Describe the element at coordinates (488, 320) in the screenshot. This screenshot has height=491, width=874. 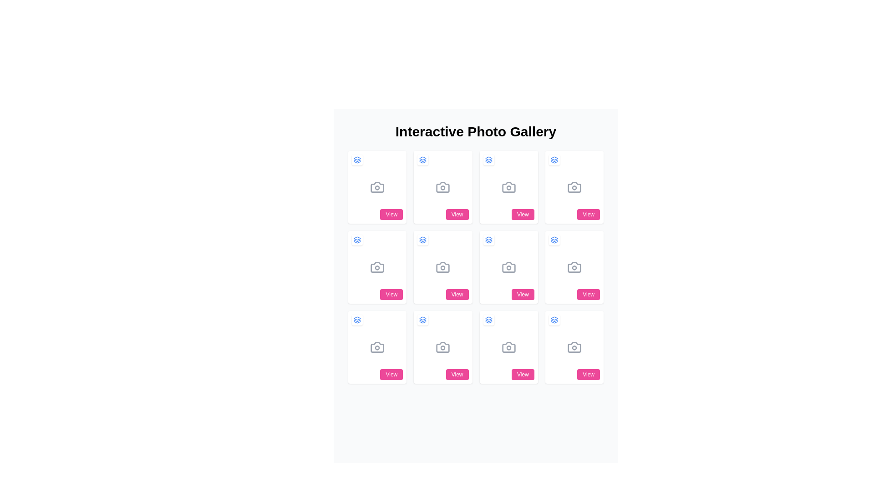
I see `the static icon in the top-left corner of the card located in the second column of the third row of the grid` at that location.